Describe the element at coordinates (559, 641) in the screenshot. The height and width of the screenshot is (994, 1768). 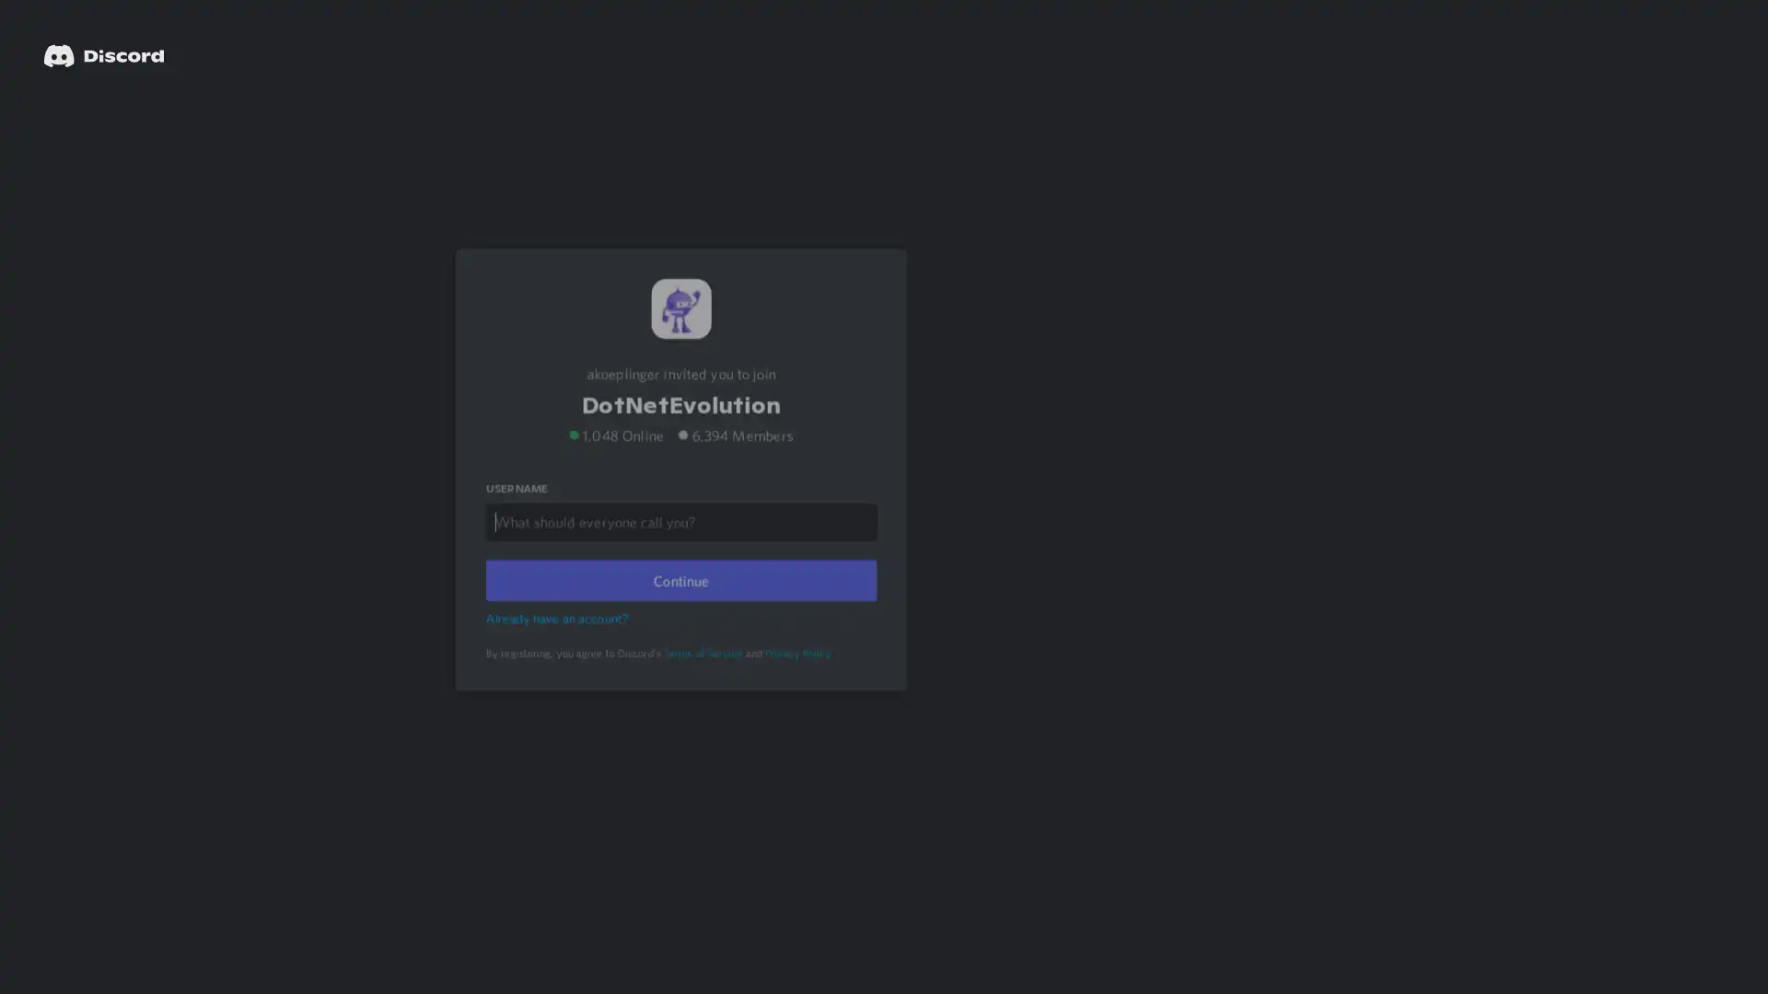
I see `Already have an account?` at that location.